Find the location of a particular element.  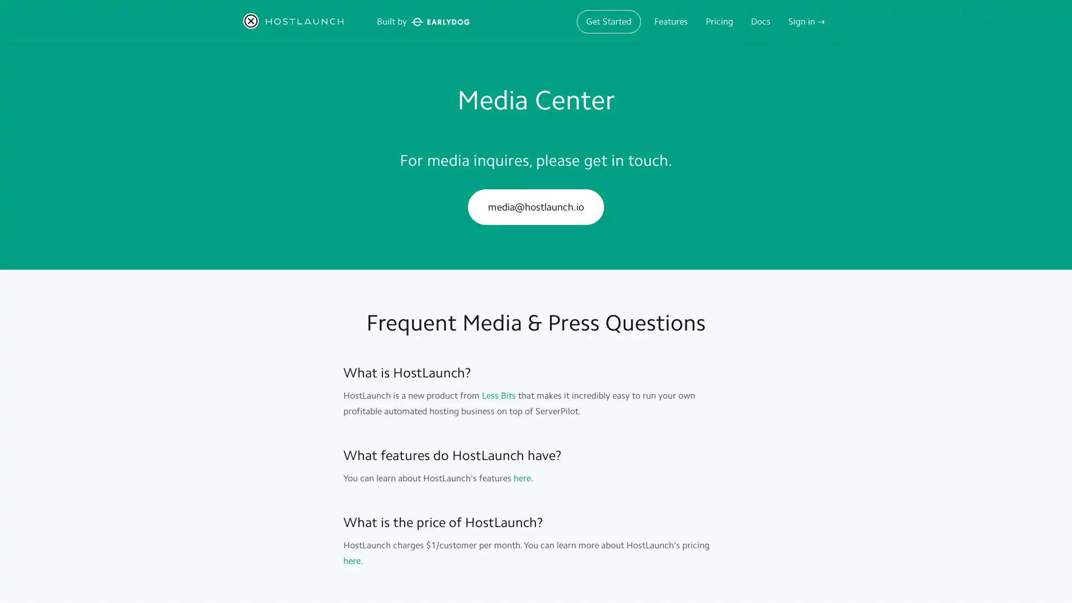

Pricing is located at coordinates (719, 21).